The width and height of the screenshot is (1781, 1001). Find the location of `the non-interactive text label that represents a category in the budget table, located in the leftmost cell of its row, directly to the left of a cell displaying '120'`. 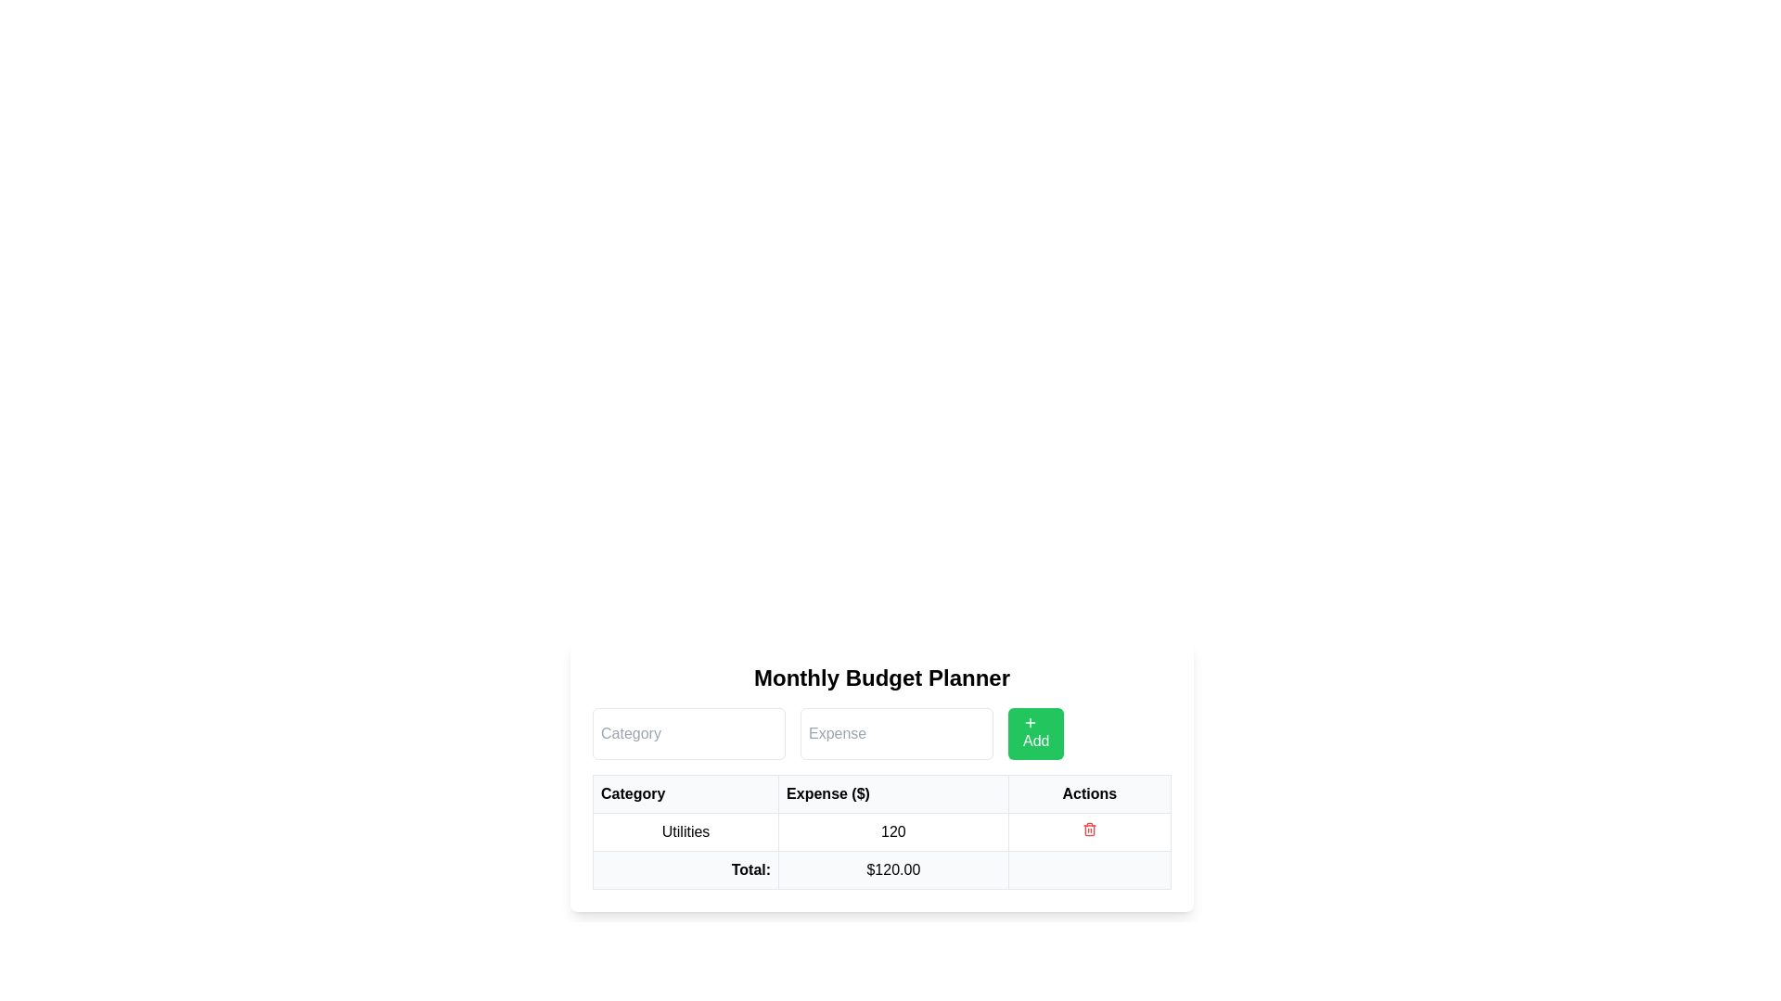

the non-interactive text label that represents a category in the budget table, located in the leftmost cell of its row, directly to the left of a cell displaying '120' is located at coordinates (685, 831).